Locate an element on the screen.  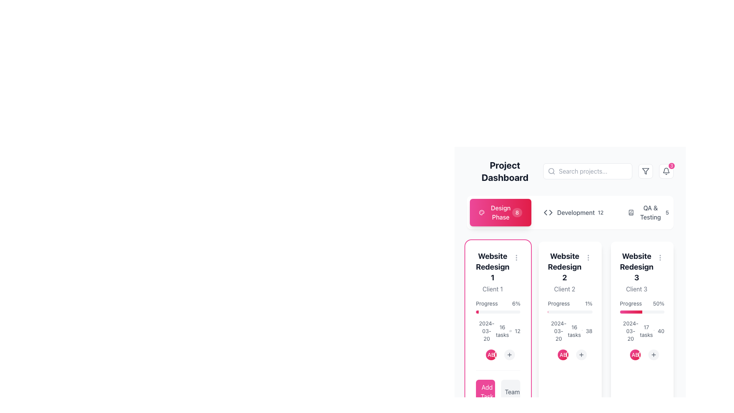
the 'Design Phase' text label in the left-side navigation tab is located at coordinates (501, 212).